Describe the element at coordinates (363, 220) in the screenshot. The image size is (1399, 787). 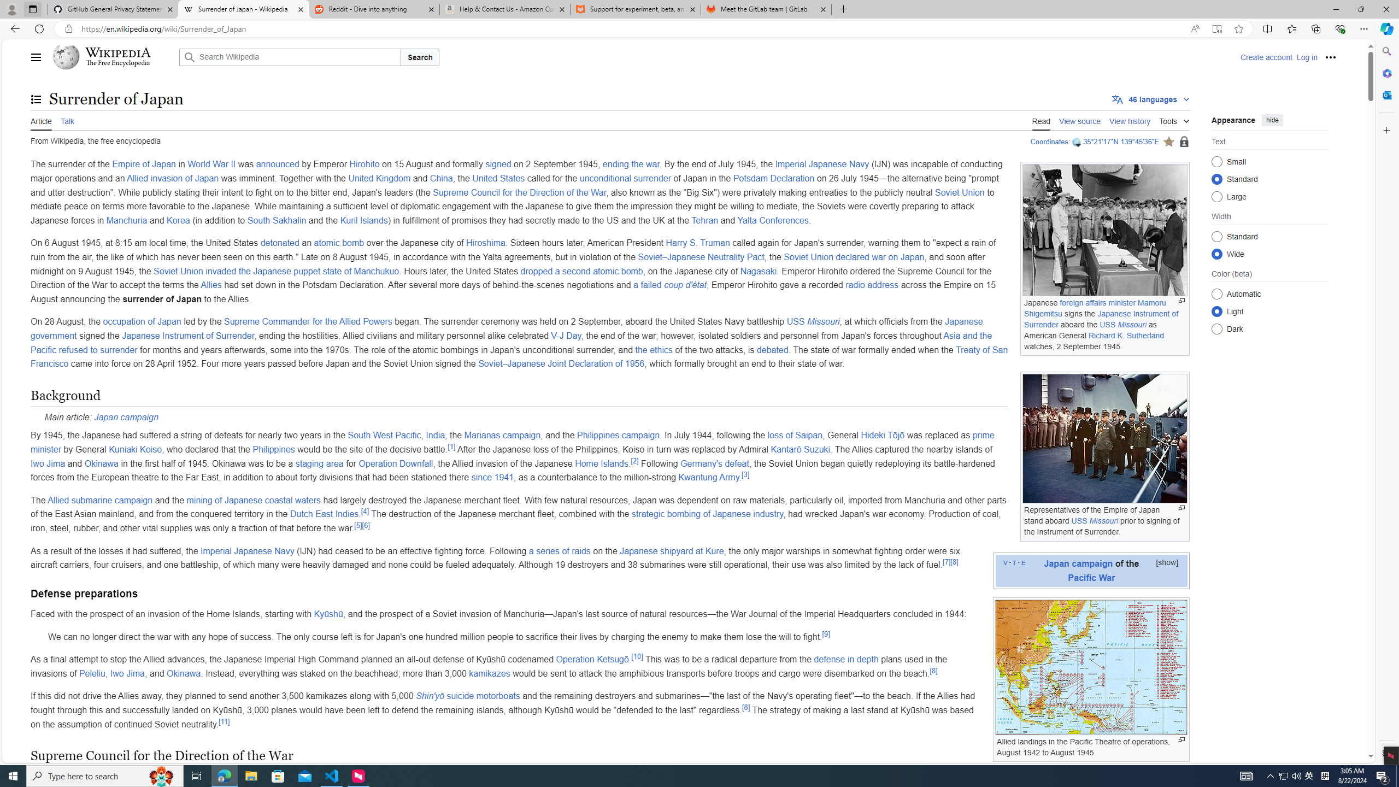
I see `'Kuril Islands'` at that location.